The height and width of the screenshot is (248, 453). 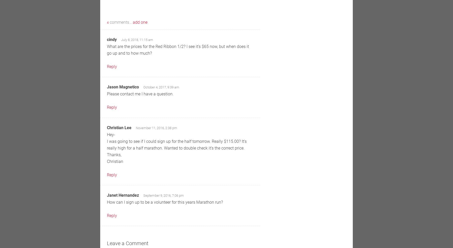 I want to click on '4', so click(x=108, y=23).